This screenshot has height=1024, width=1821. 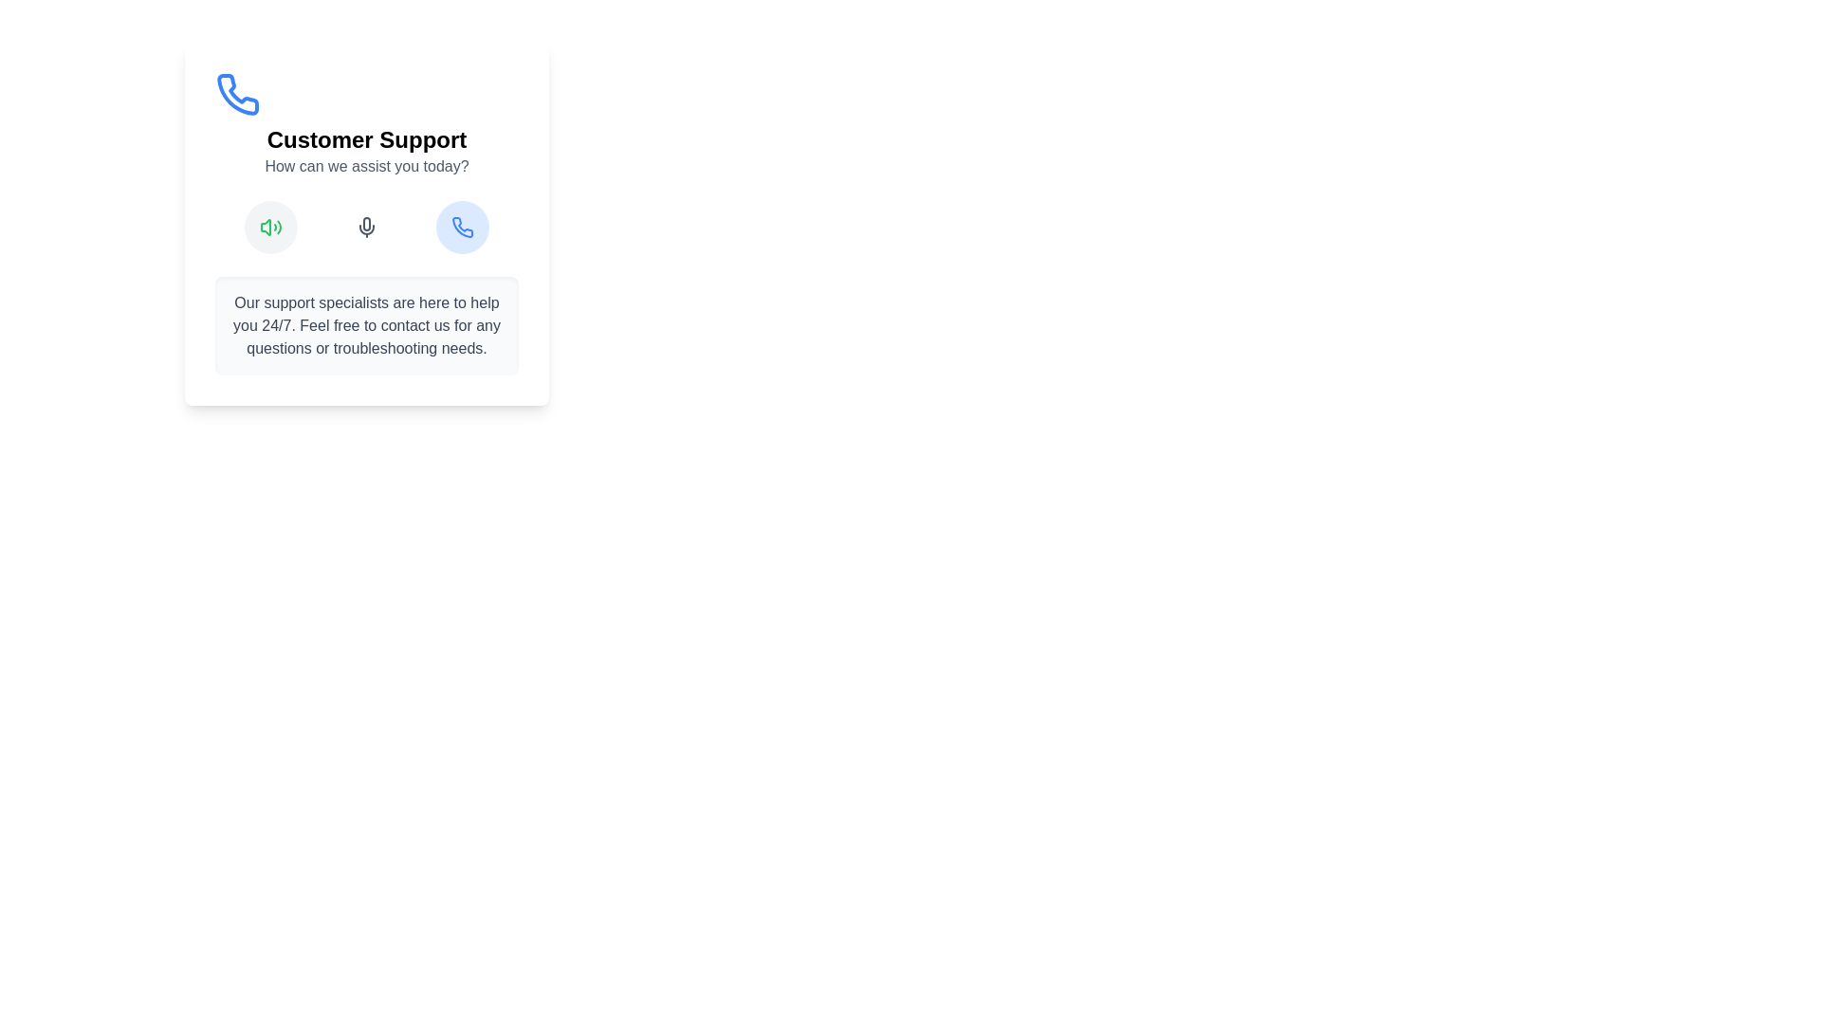 What do you see at coordinates (367, 138) in the screenshot?
I see `text block displaying 'Customer Support' in bold styling located beneath the phone icon and above the text 'How can we assist you today?'` at bounding box center [367, 138].